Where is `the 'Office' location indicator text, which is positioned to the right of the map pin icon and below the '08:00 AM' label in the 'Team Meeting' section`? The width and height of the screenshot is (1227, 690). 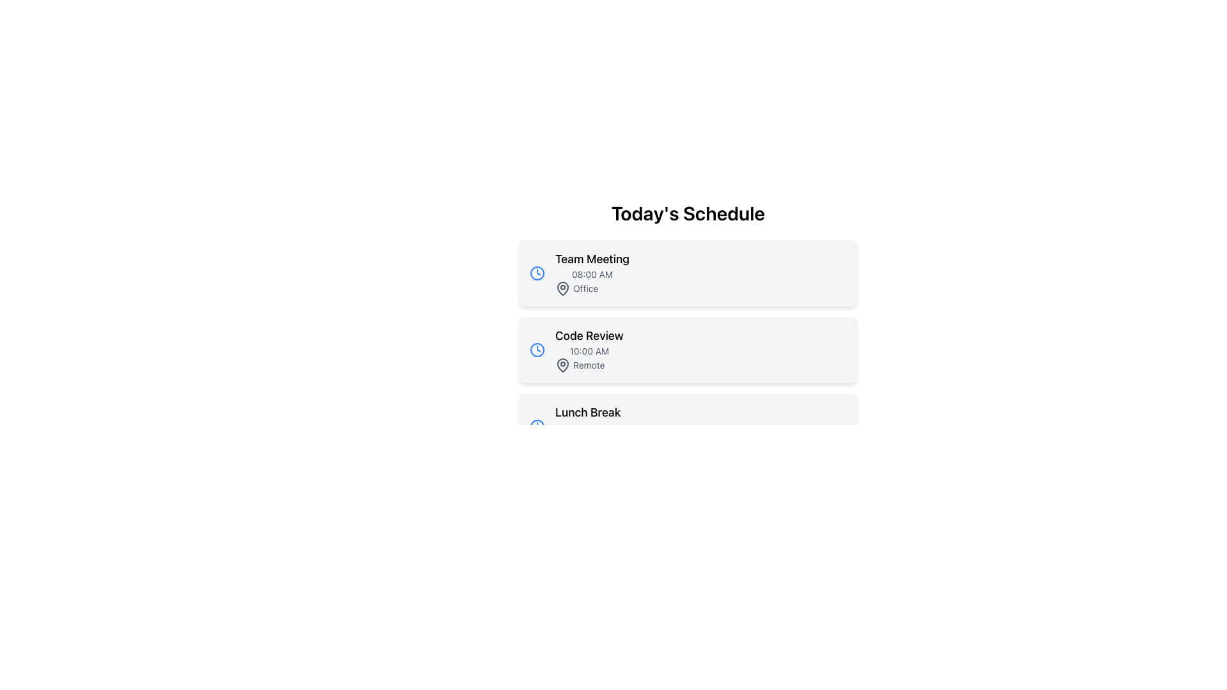
the 'Office' location indicator text, which is positioned to the right of the map pin icon and below the '08:00 AM' label in the 'Team Meeting' section is located at coordinates (591, 288).